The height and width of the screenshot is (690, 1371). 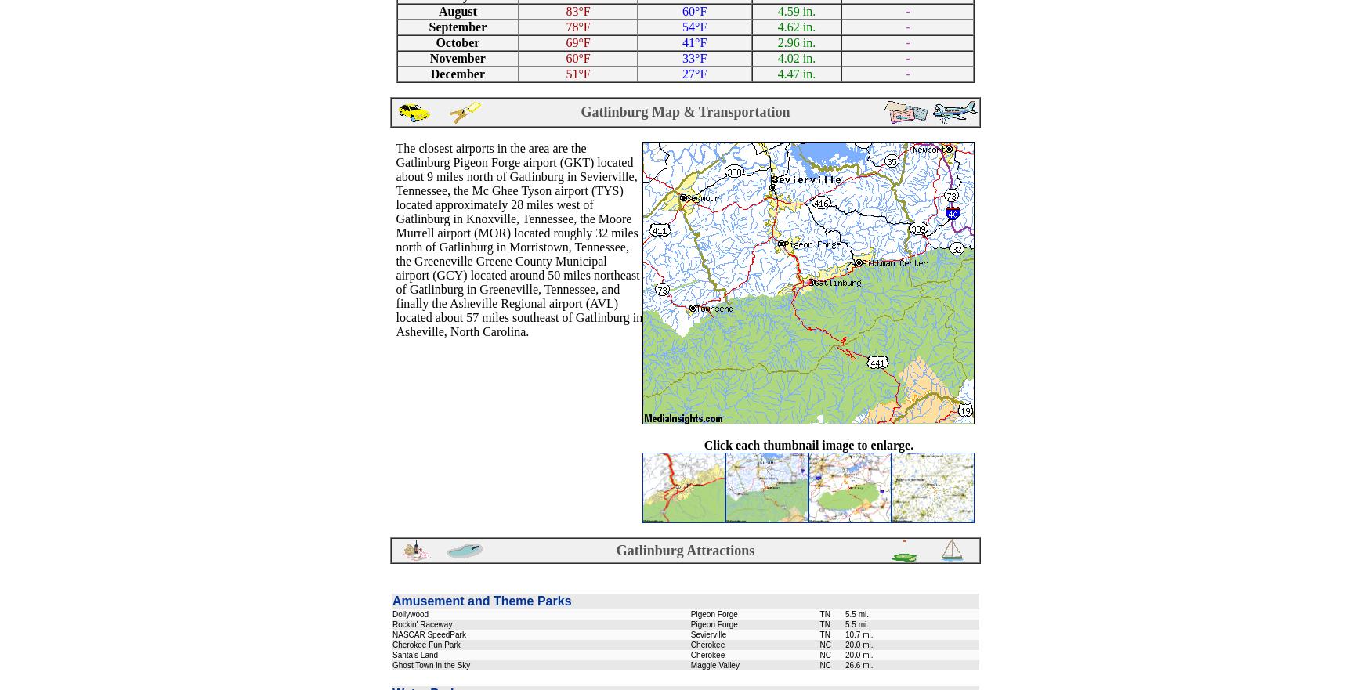 I want to click on 'Cherokee Fun Park', so click(x=425, y=644).